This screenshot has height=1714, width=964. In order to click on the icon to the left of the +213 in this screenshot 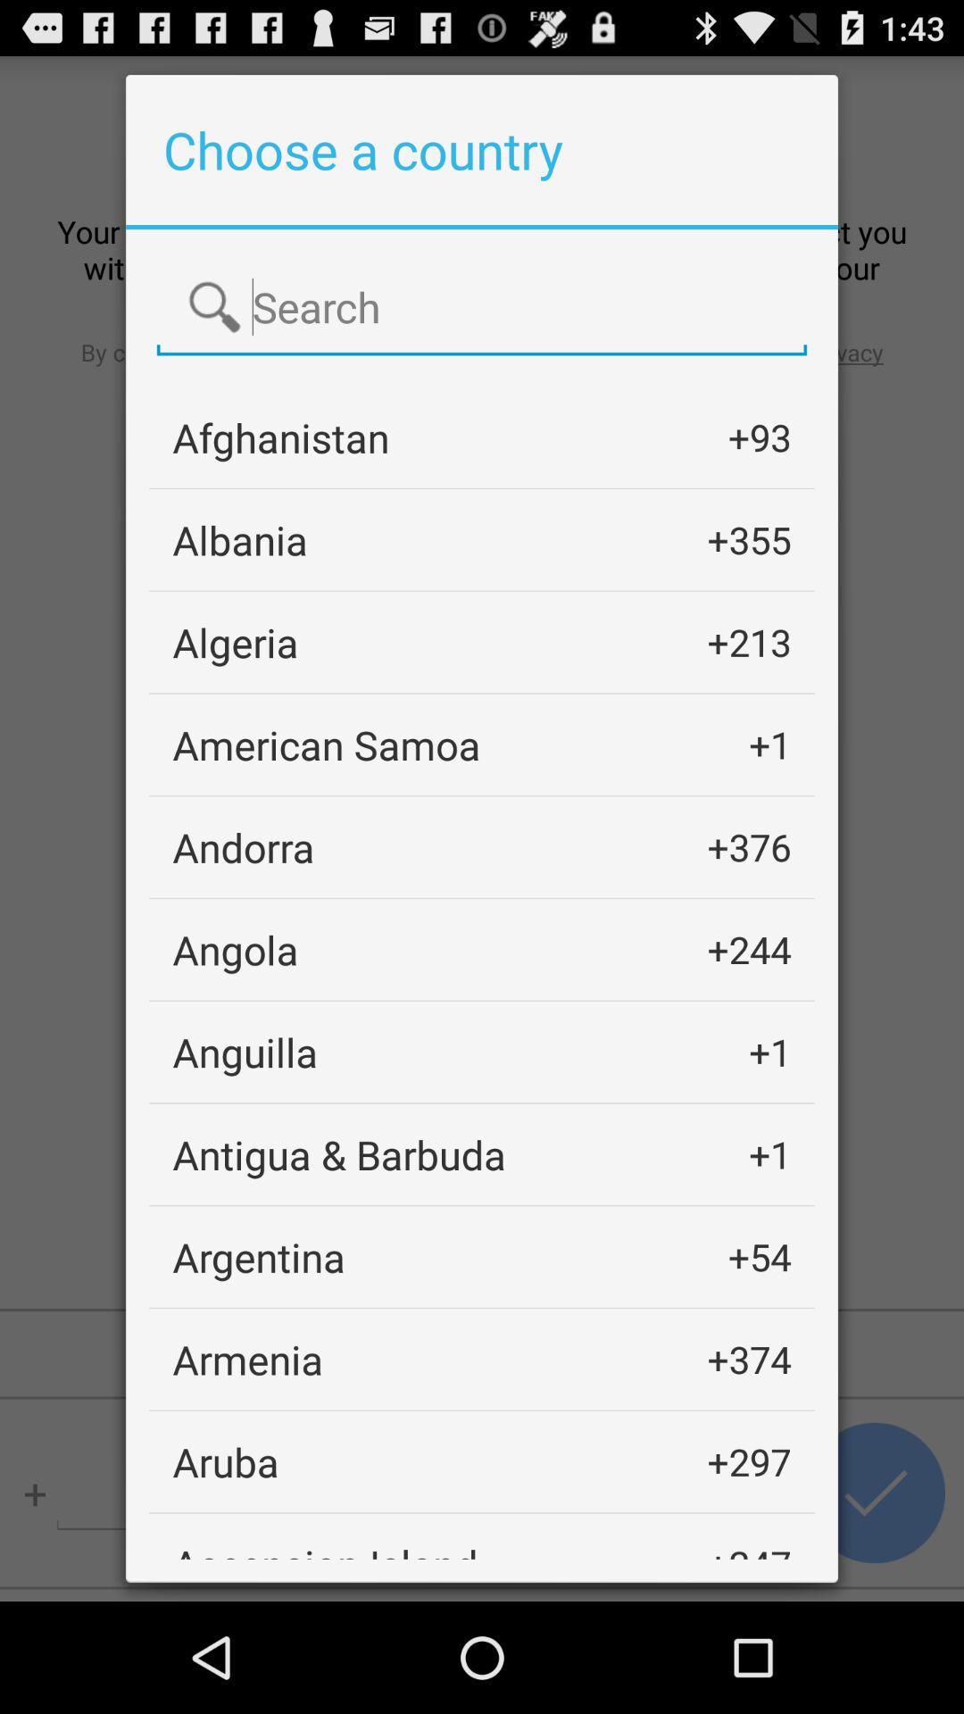, I will do `click(234, 642)`.